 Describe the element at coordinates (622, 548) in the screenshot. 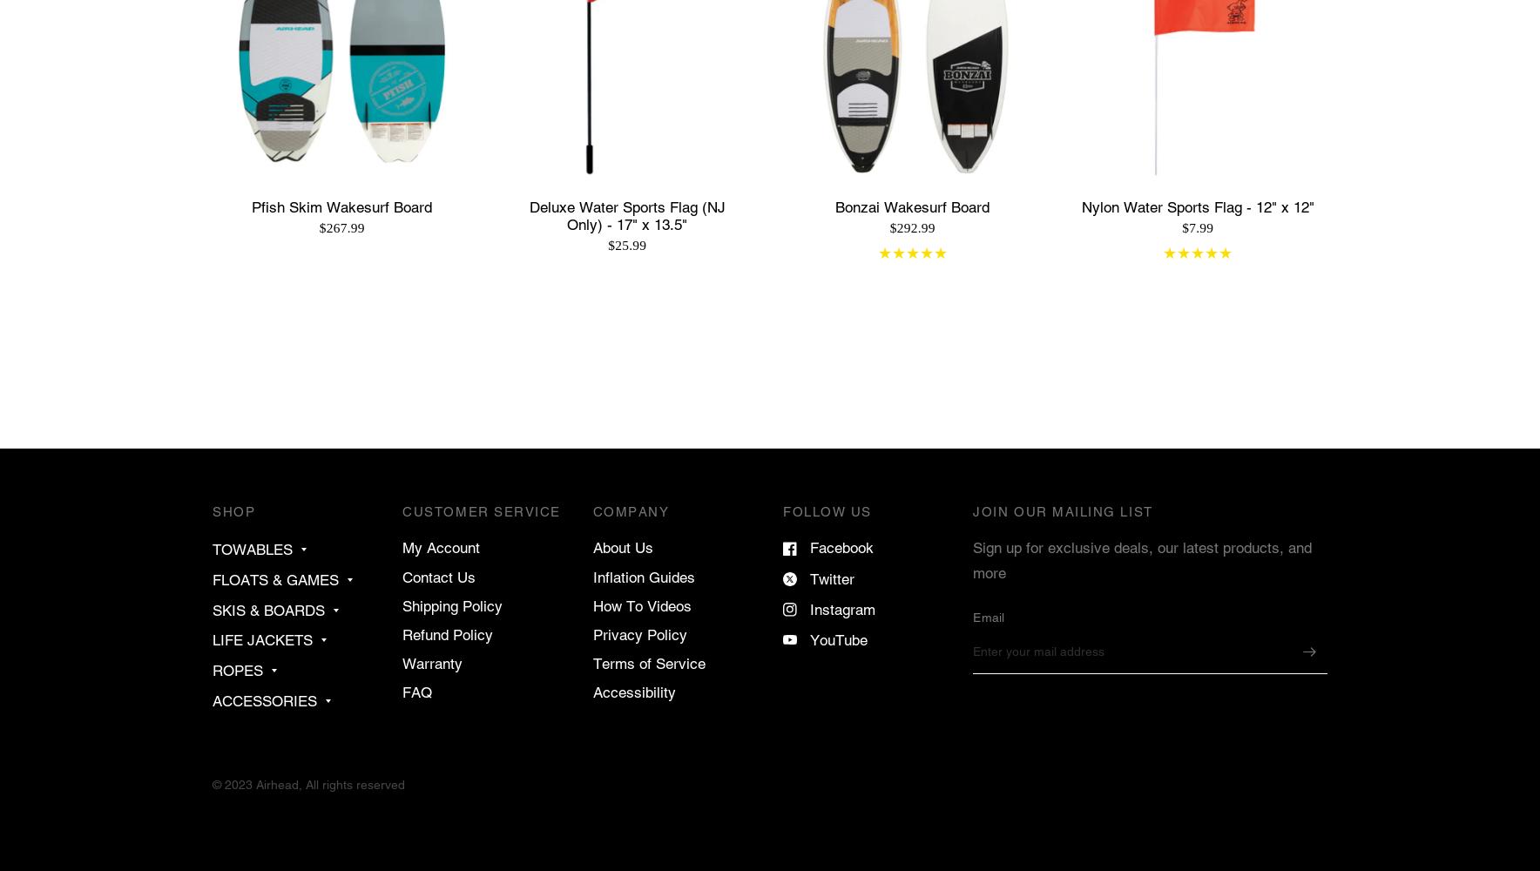

I see `'About Us'` at that location.